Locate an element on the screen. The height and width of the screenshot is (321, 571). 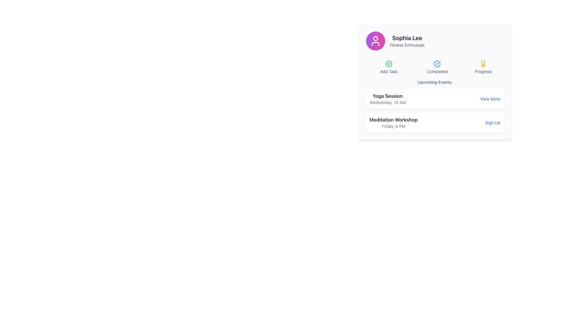
the progress icon located in the upper-right area of the Profile Card interface, which signifies achievements and engagement metrics is located at coordinates (483, 65).